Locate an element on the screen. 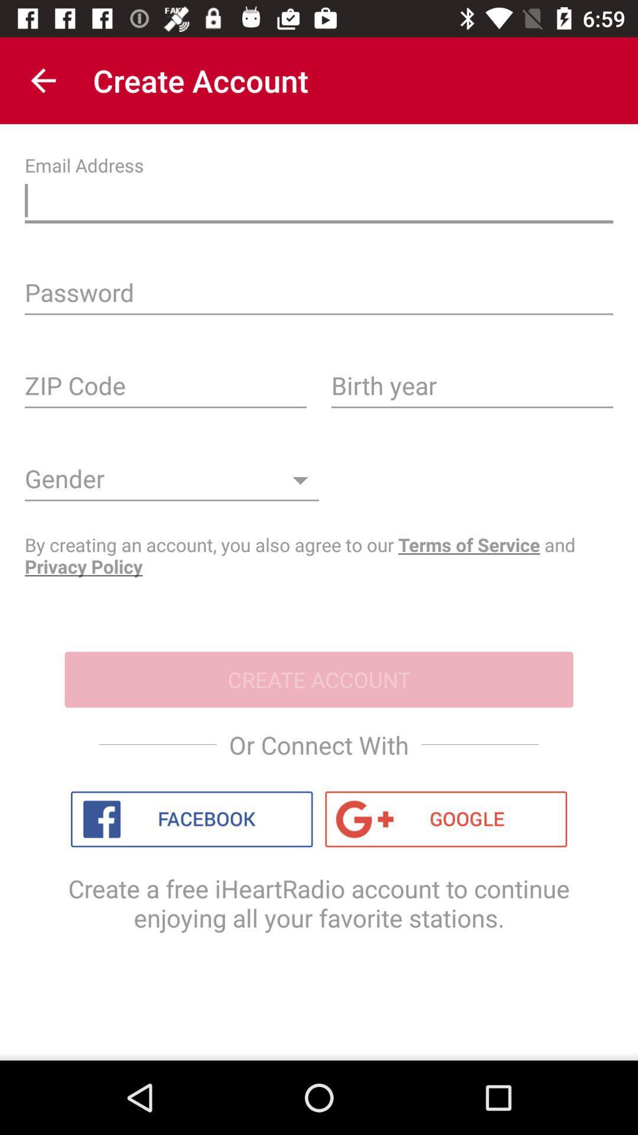 The height and width of the screenshot is (1135, 638). shows facebook option is located at coordinates (191, 819).